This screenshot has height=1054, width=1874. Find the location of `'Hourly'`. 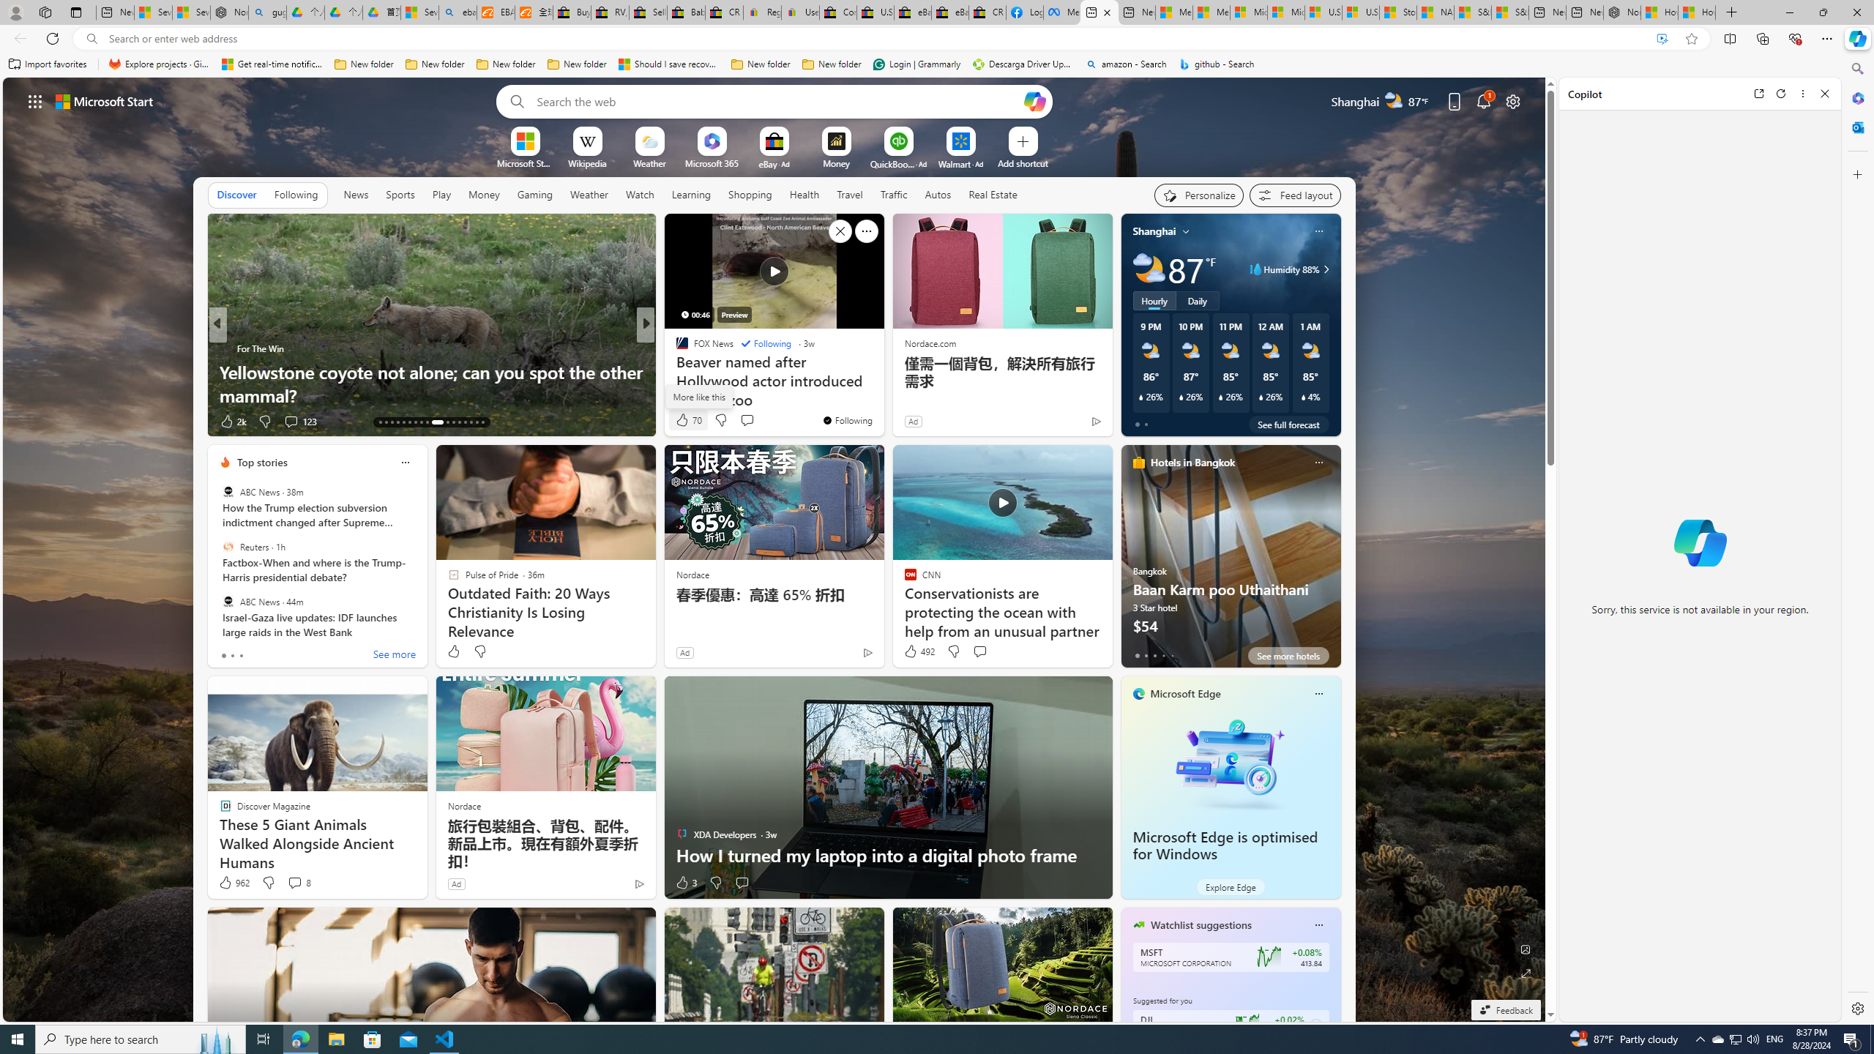

'Hourly' is located at coordinates (1153, 299).